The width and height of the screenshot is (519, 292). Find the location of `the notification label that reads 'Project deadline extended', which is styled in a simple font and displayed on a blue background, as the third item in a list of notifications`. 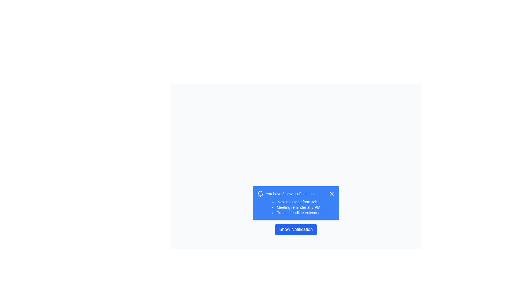

the notification label that reads 'Project deadline extended', which is styled in a simple font and displayed on a blue background, as the third item in a list of notifications is located at coordinates (295, 212).